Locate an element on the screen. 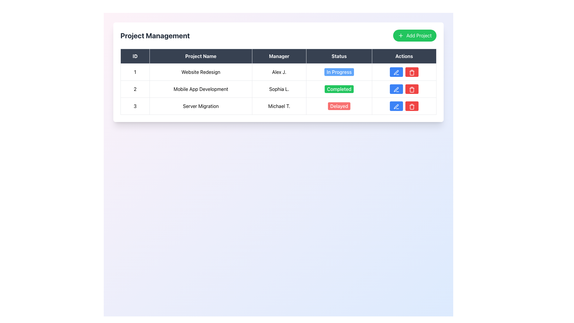  the red button with a white trash icon located in the 'Actions' column of the third row in the Server Migration table is located at coordinates (411, 106).